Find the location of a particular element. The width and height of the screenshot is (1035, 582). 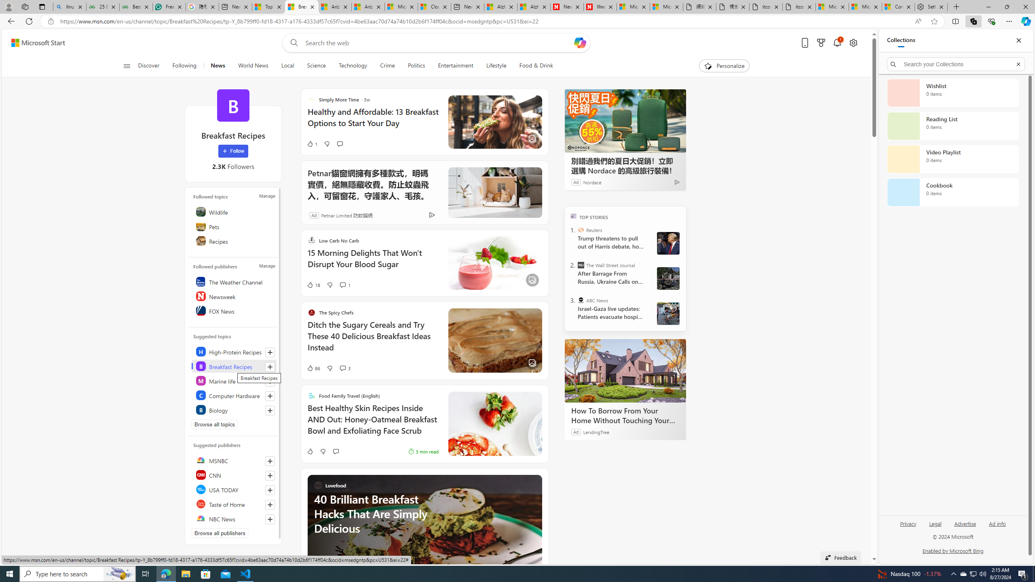

'25 Basic Linux Commands For Beginners - GeeksforGeeks' is located at coordinates (102, 6).